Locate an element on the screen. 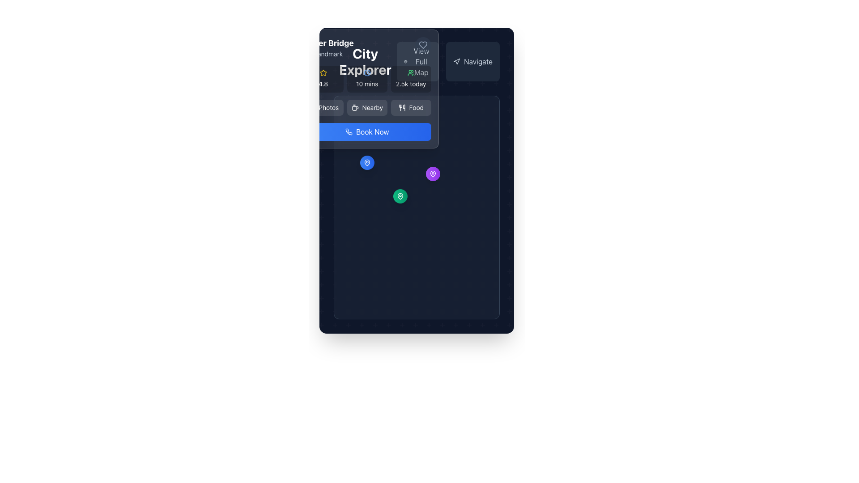 This screenshot has height=483, width=859. text label displaying '10 mins' located centrally beneath the clock icon in the top section of the interface is located at coordinates (367, 84).